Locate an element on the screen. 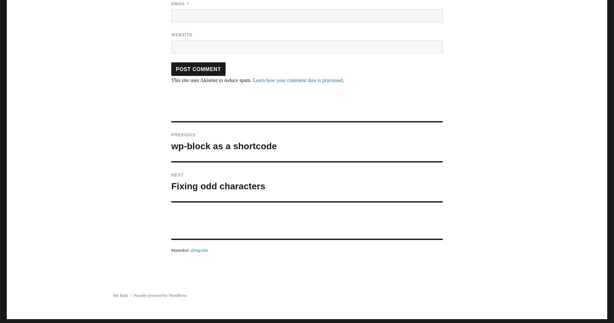 The height and width of the screenshot is (323, 614). 'wp-block as a shortcode' is located at coordinates (224, 146).